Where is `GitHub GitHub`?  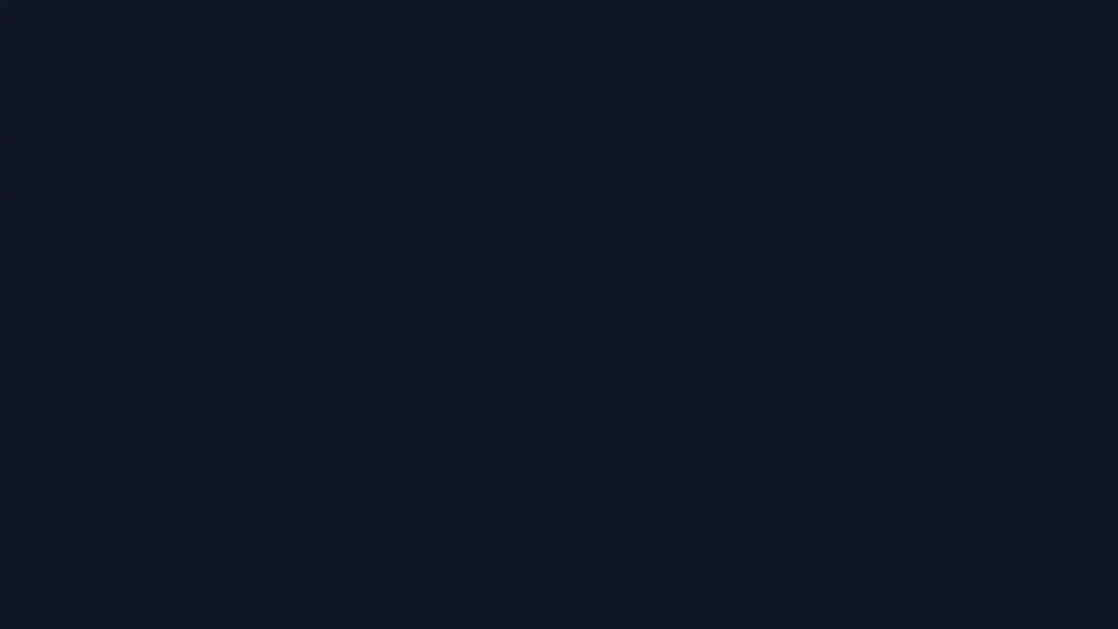
GitHub GitHub is located at coordinates (559, 349).